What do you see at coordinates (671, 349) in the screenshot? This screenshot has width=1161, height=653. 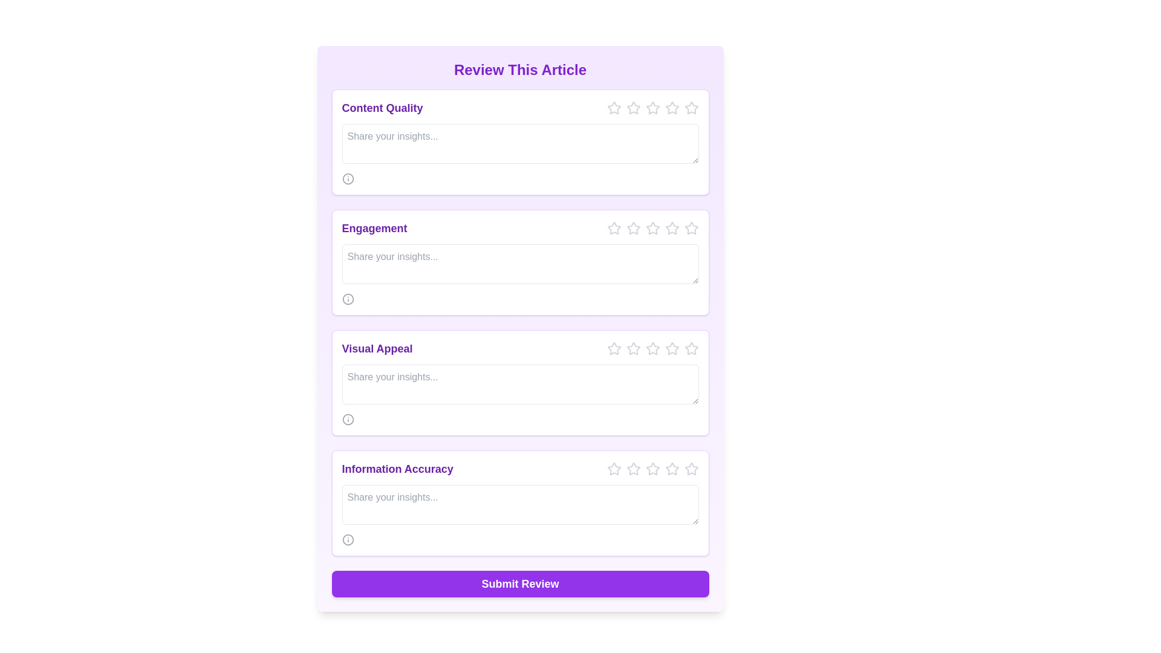 I see `the fifth Star icon in the rating system, which represents a rating value of 5 out of 5, located to the right of the 'Visual Appeal' text field` at bounding box center [671, 349].